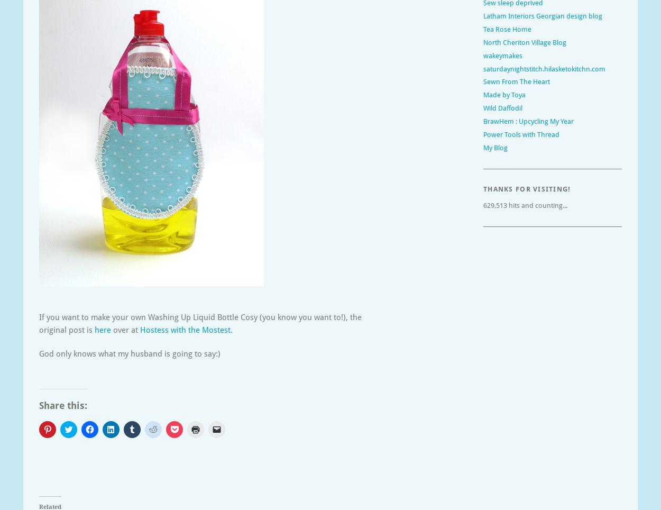  What do you see at coordinates (520, 134) in the screenshot?
I see `'Power Tools with Thread'` at bounding box center [520, 134].